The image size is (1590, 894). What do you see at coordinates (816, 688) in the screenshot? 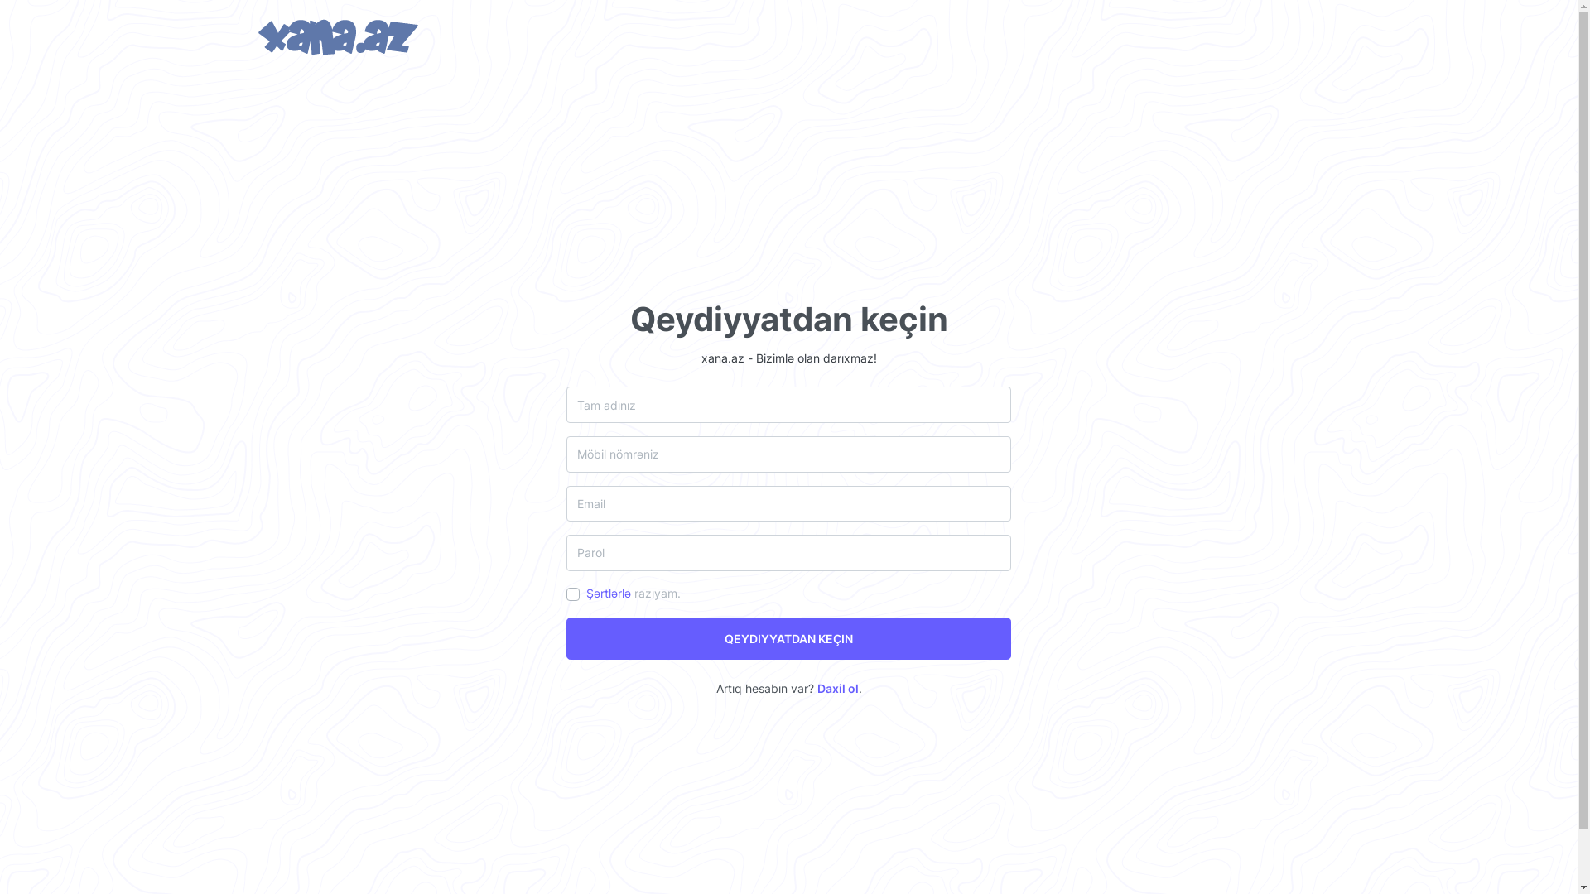
I see `'Daxil ol'` at bounding box center [816, 688].